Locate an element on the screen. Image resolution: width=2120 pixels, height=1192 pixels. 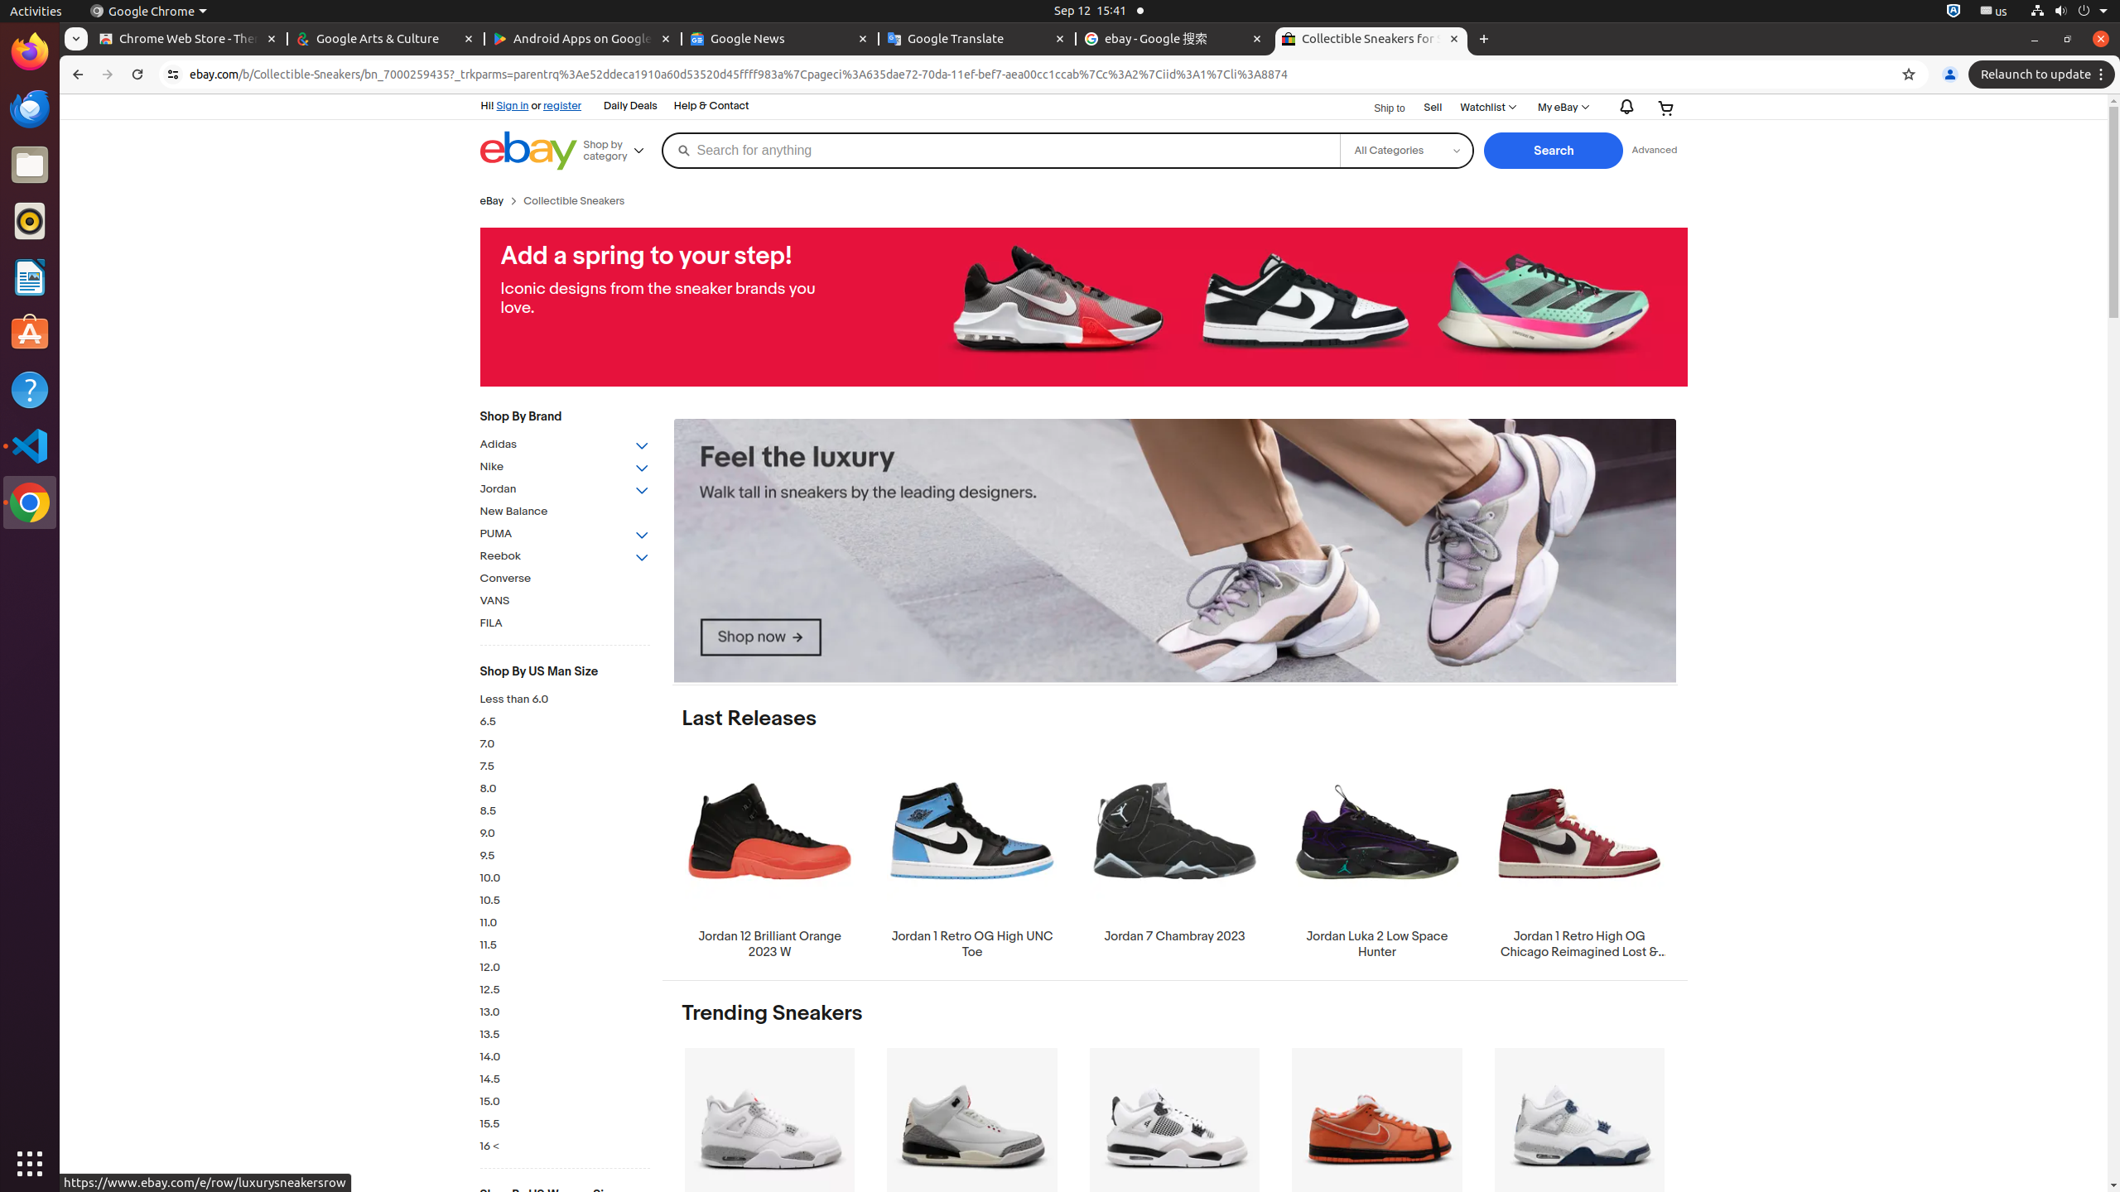
'Relaunch to update' is located at coordinates (2043, 74).